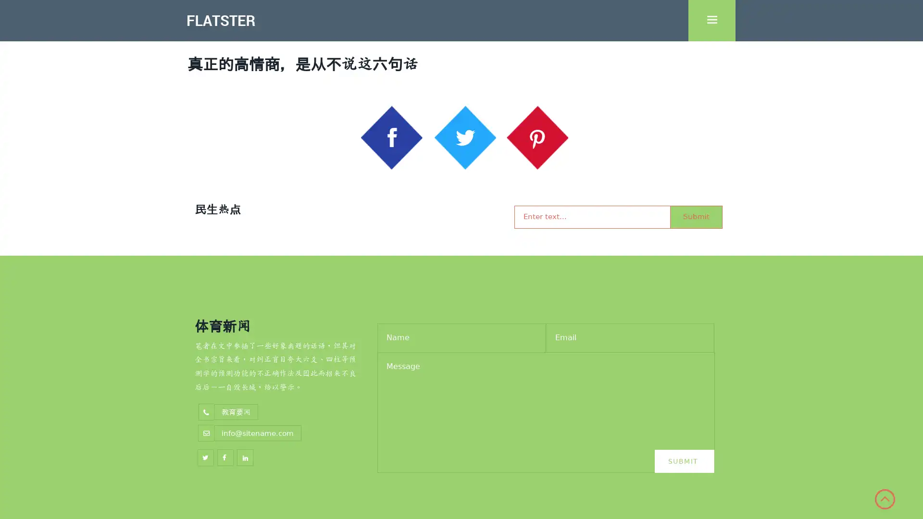 The height and width of the screenshot is (519, 923). Describe the element at coordinates (684, 460) in the screenshot. I see `Submit` at that location.